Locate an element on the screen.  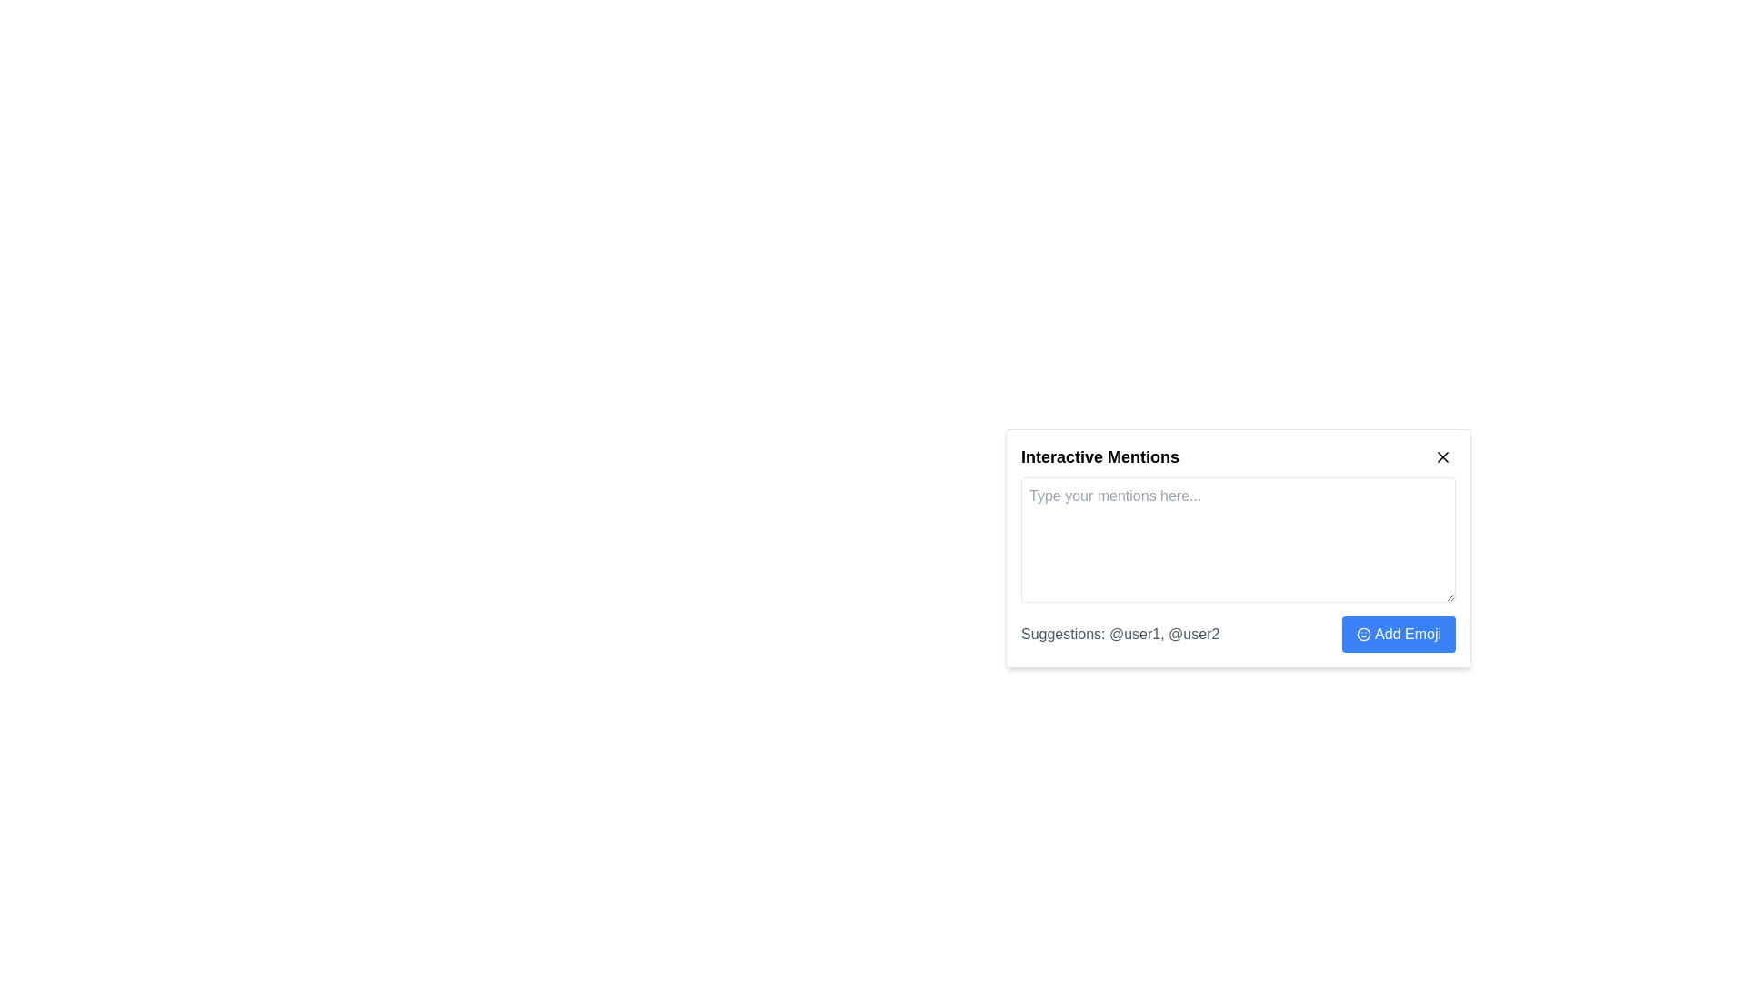
the text label displaying 'Interactive Mentions', which is a bold and larger-than-average heading located at the top-left corner of a popup component is located at coordinates (1099, 456).